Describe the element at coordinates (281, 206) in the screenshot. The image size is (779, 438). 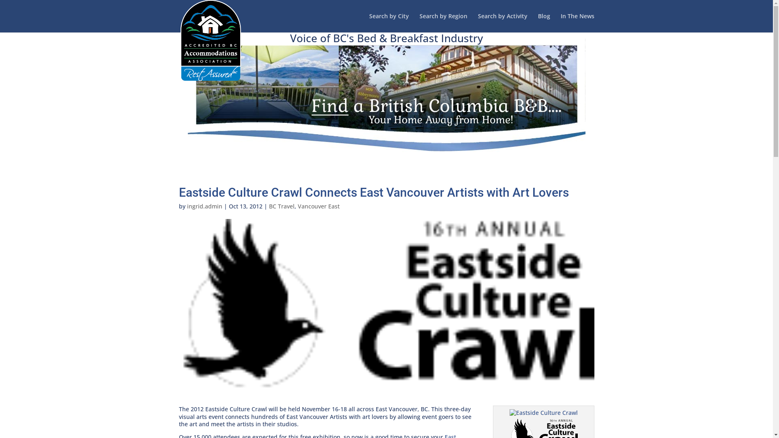
I see `'BC Travel'` at that location.